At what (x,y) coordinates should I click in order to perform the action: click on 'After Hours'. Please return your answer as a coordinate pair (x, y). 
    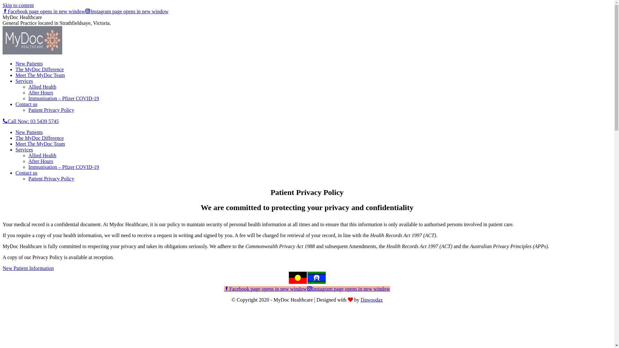
    Looking at the image, I should click on (28, 161).